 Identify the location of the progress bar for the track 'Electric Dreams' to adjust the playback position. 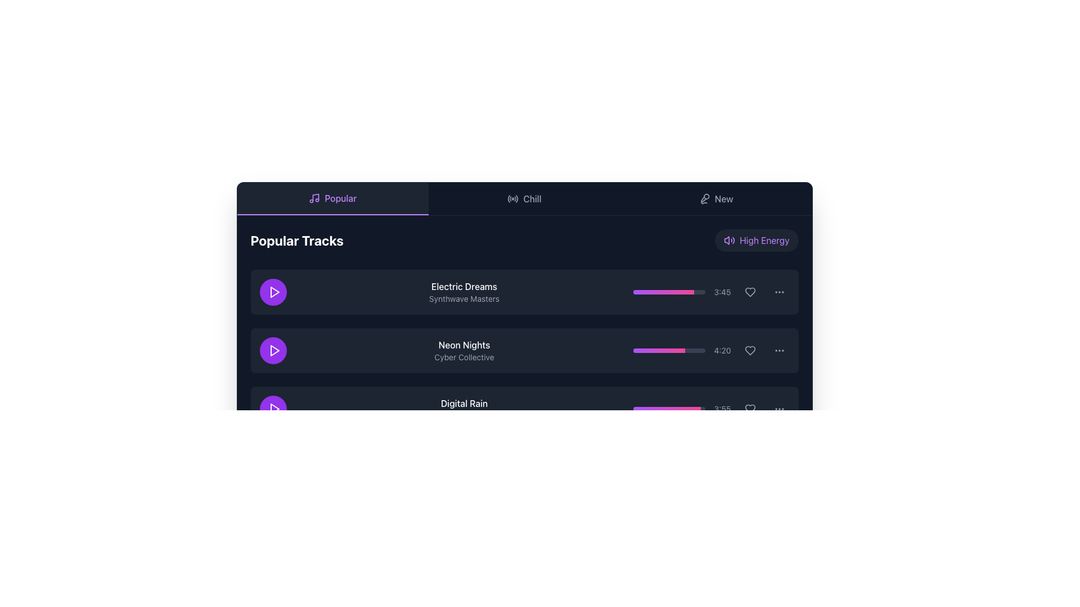
(663, 292).